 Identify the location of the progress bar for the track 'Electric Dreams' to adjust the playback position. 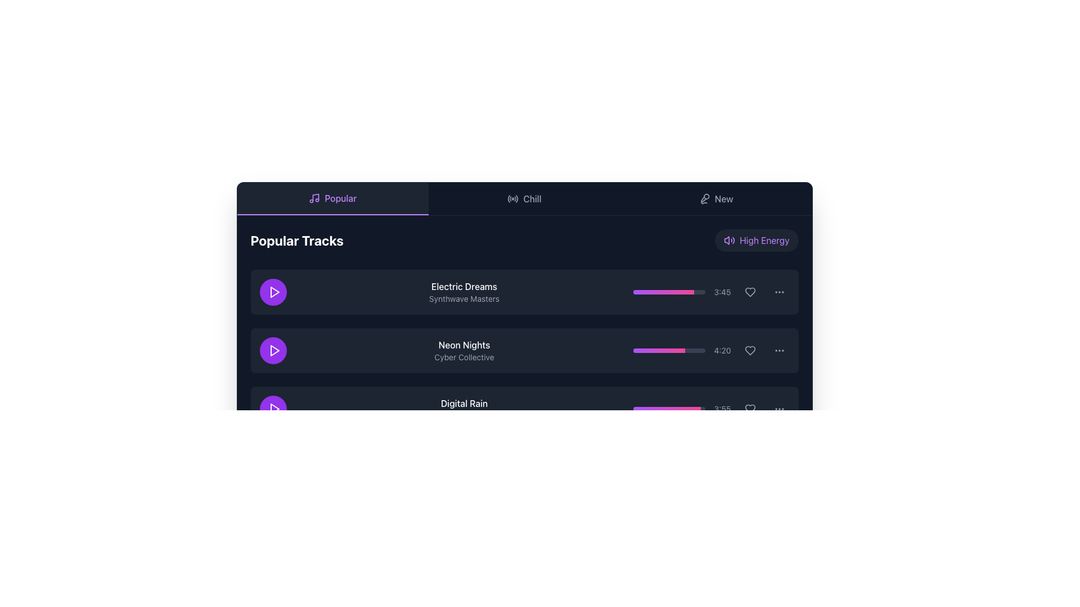
(663, 292).